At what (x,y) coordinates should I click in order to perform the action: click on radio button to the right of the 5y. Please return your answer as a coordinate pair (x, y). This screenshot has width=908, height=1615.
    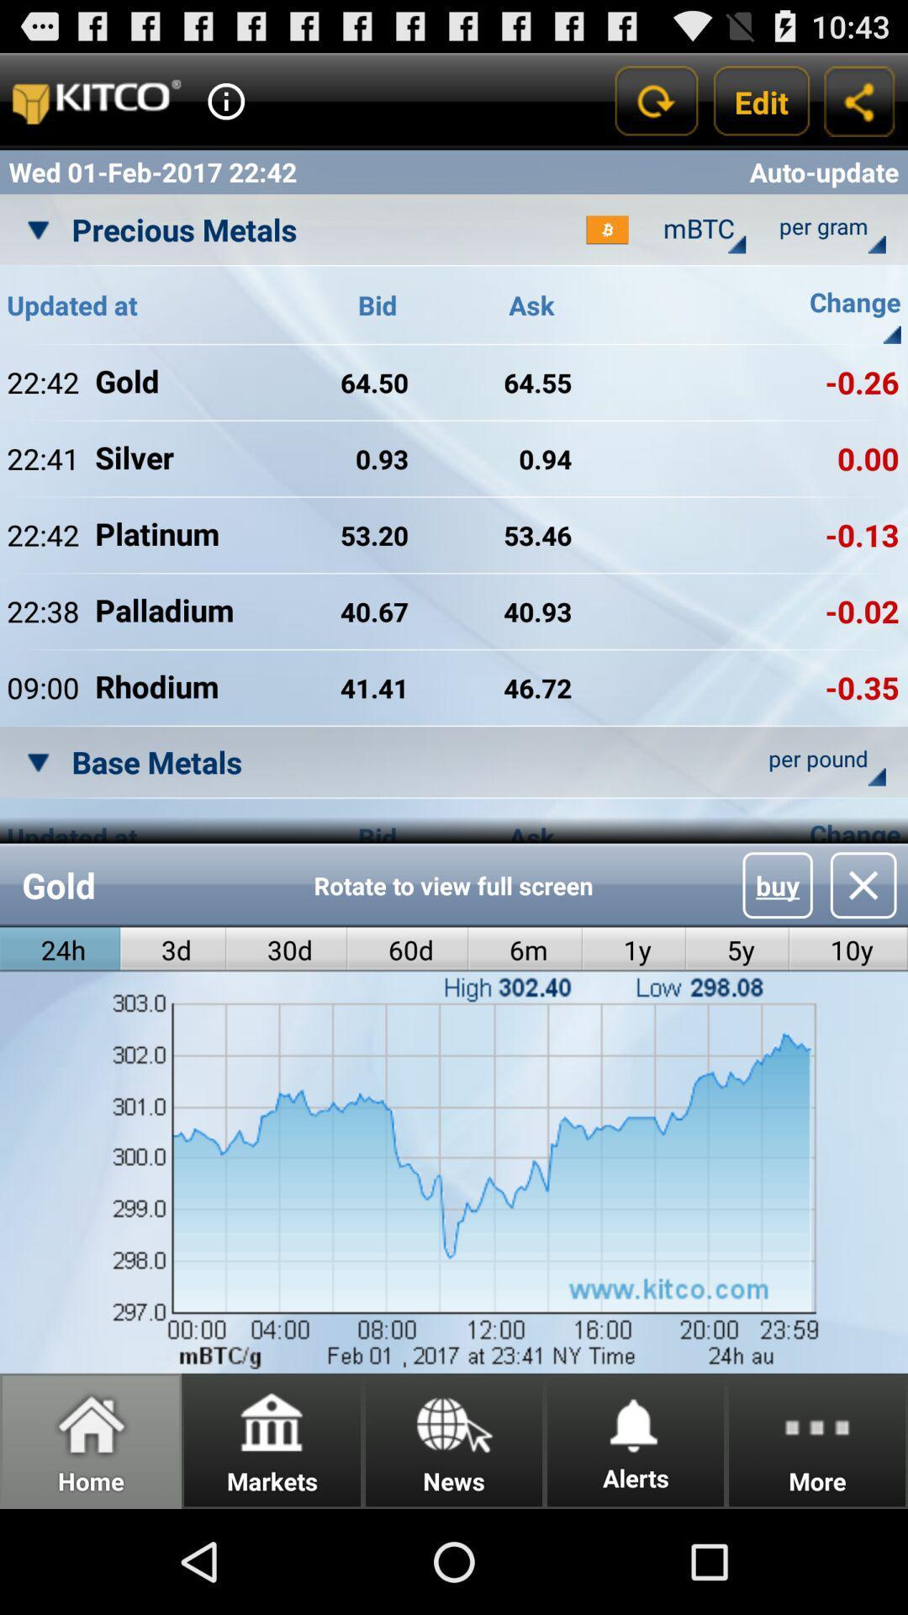
    Looking at the image, I should click on (848, 950).